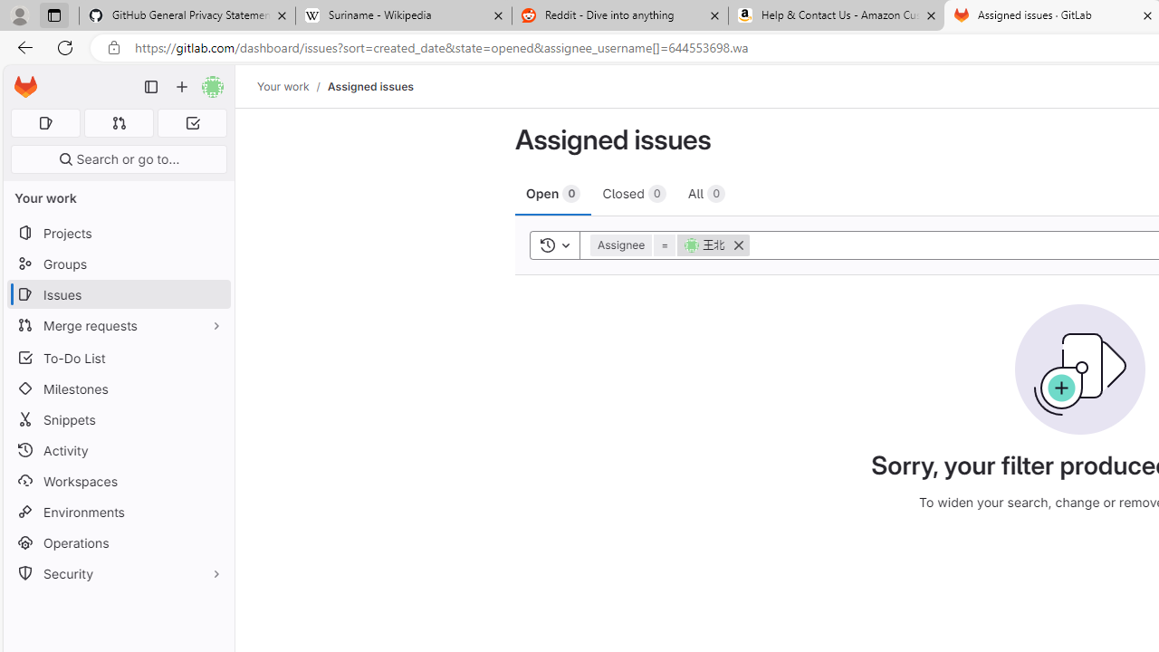  I want to click on 'Merge requests', so click(118, 324).